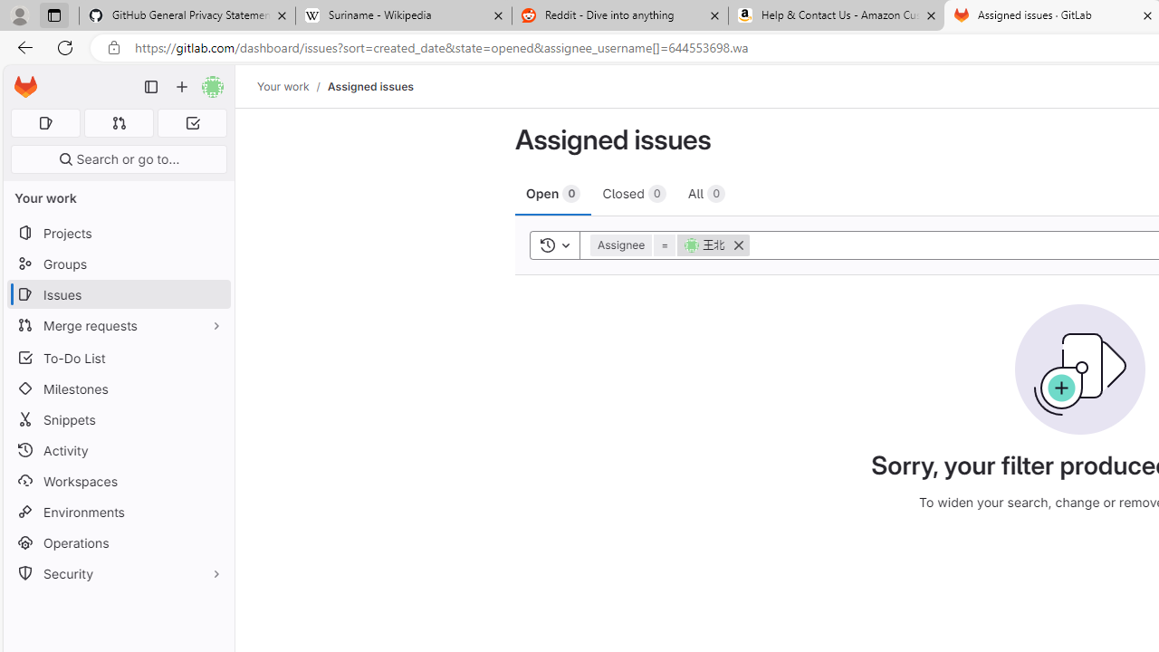  I want to click on 'Merge requests', so click(118, 324).